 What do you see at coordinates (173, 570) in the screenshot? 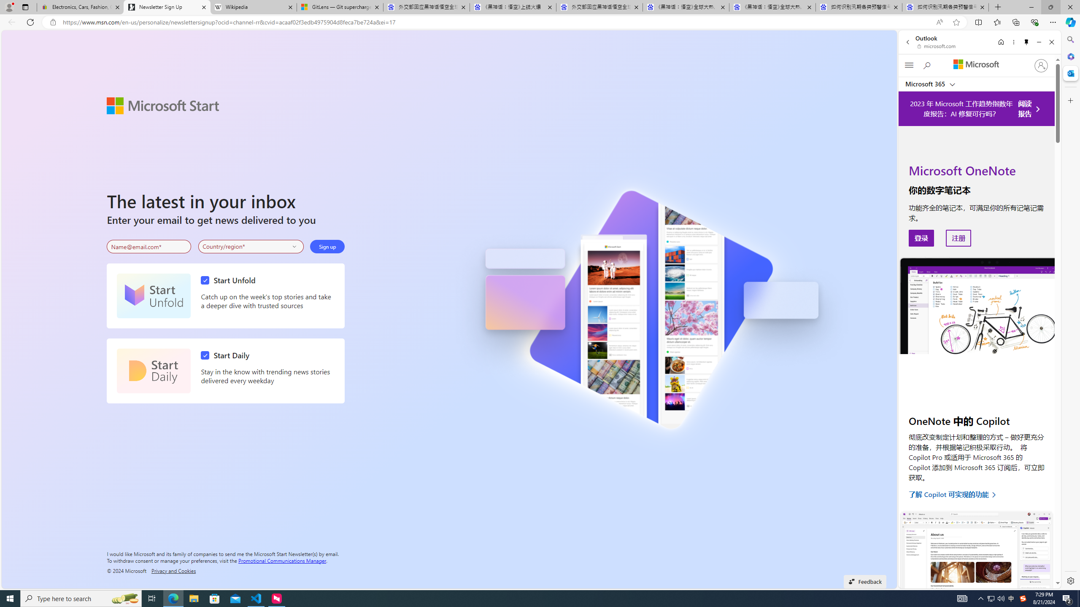
I see `'Privacy and Cookies'` at bounding box center [173, 570].